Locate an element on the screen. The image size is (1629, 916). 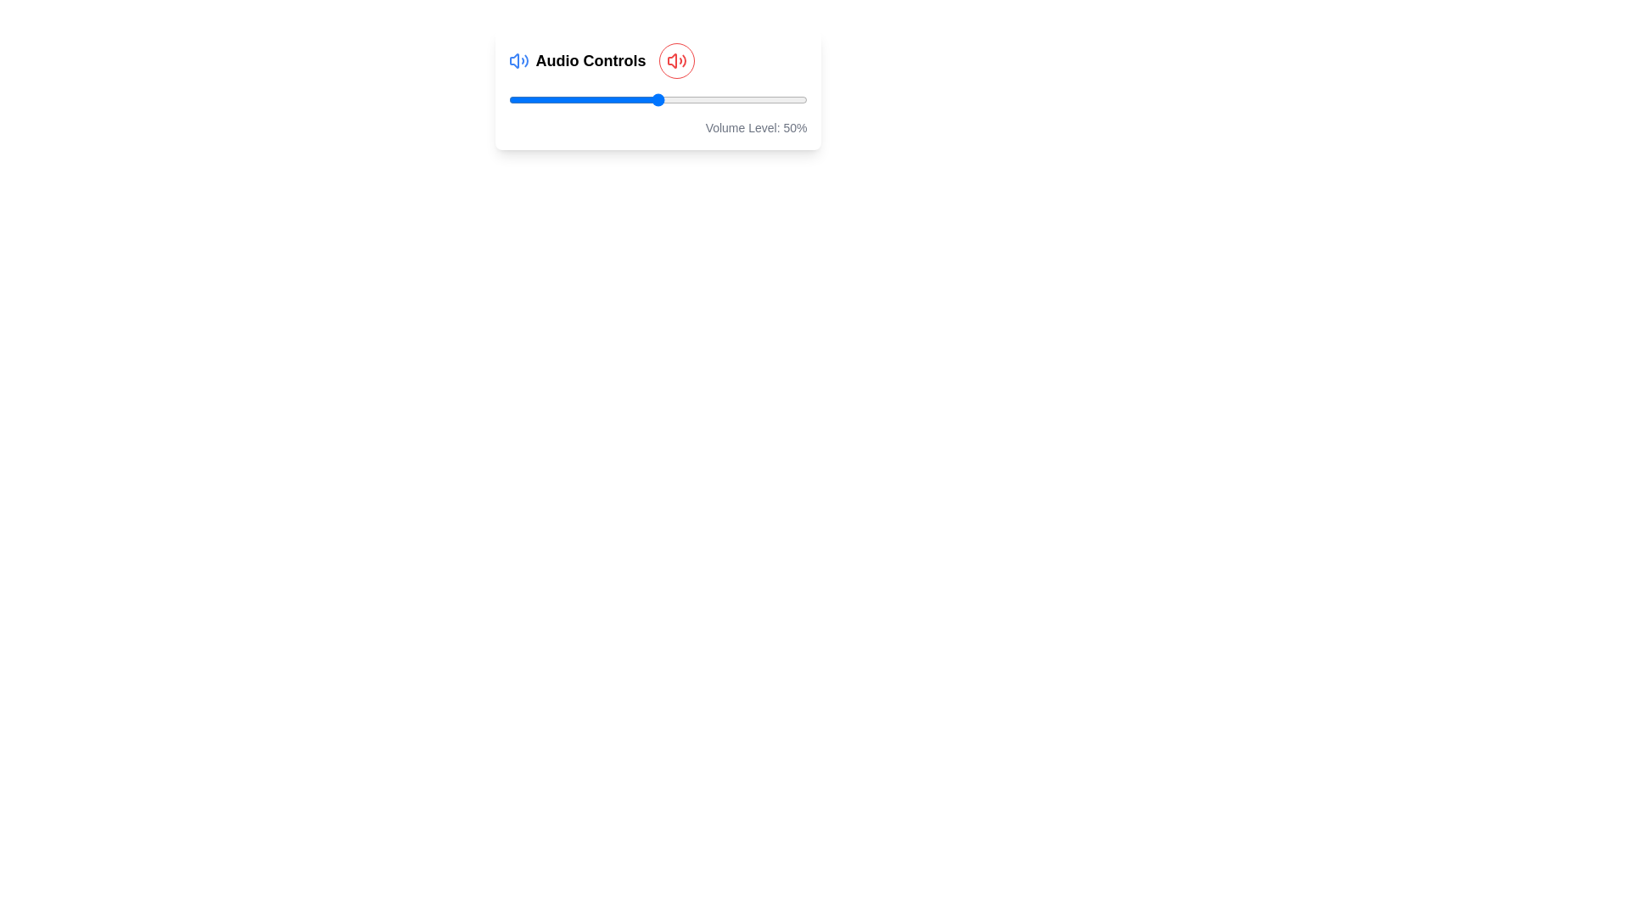
the volume slider to 19% by dragging the slider to the corresponding position is located at coordinates (565, 100).